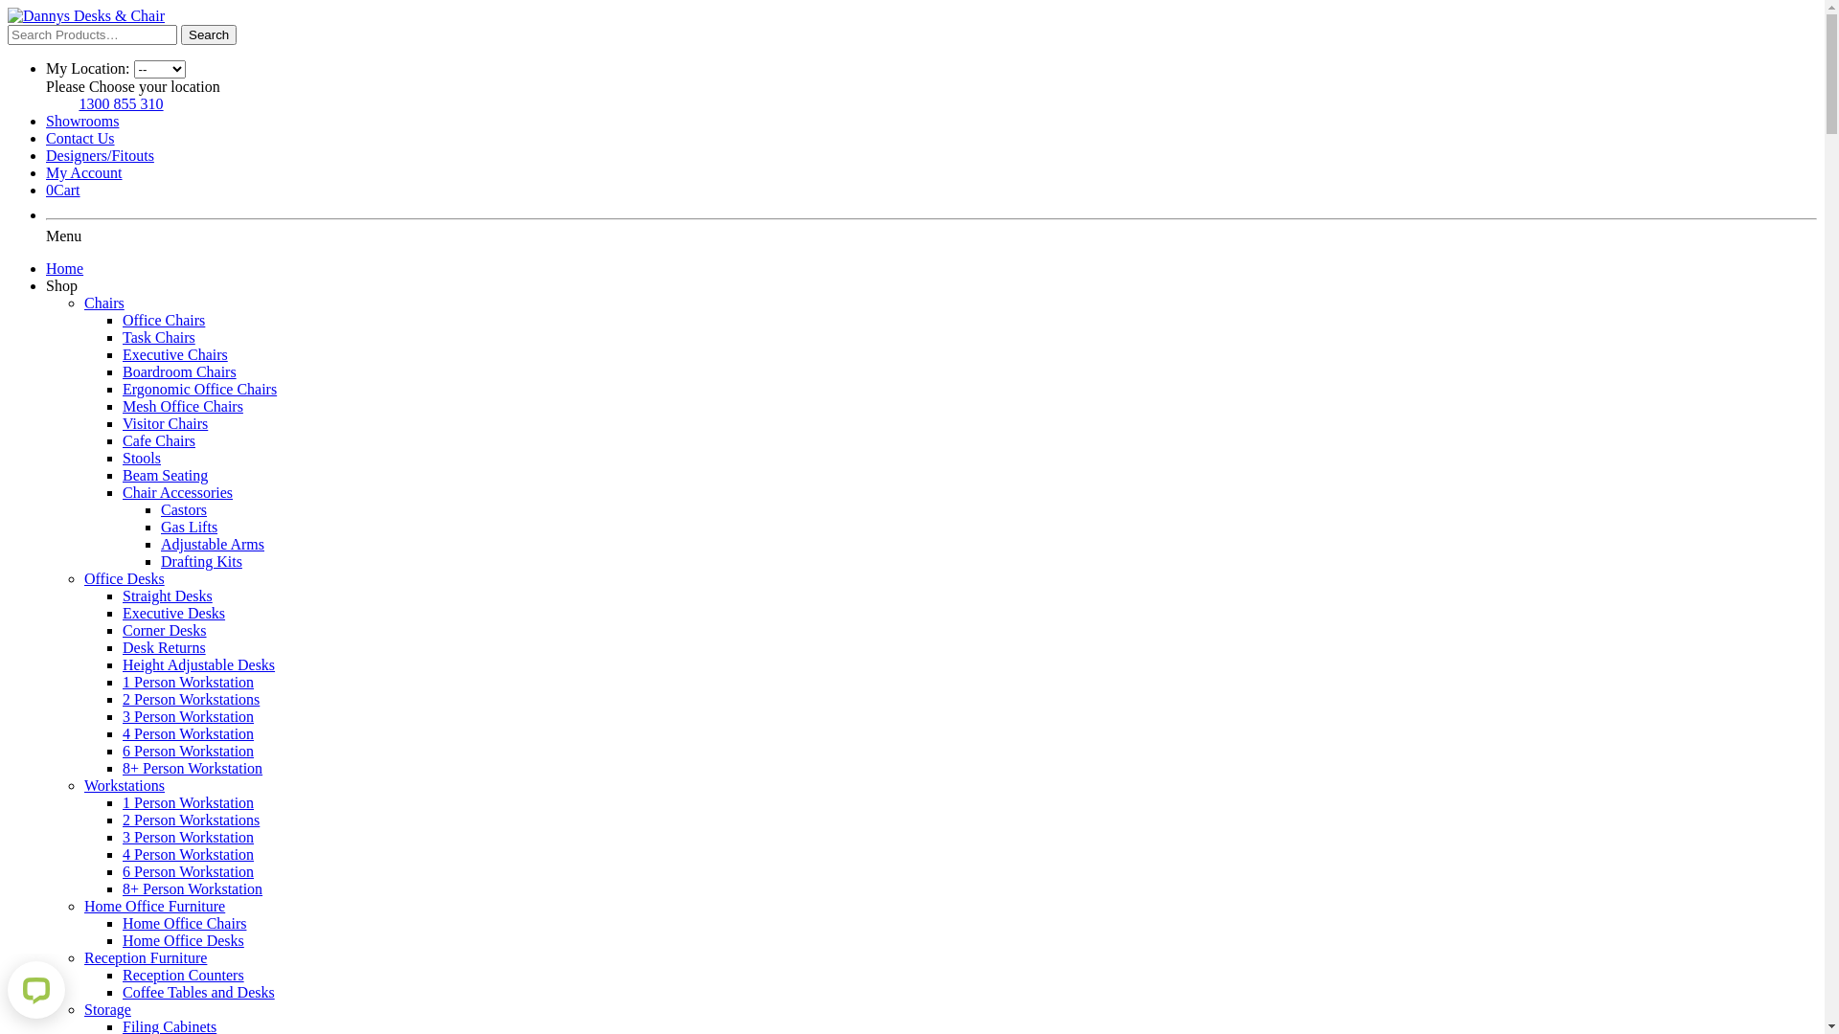  What do you see at coordinates (122, 595) in the screenshot?
I see `'Straight Desks'` at bounding box center [122, 595].